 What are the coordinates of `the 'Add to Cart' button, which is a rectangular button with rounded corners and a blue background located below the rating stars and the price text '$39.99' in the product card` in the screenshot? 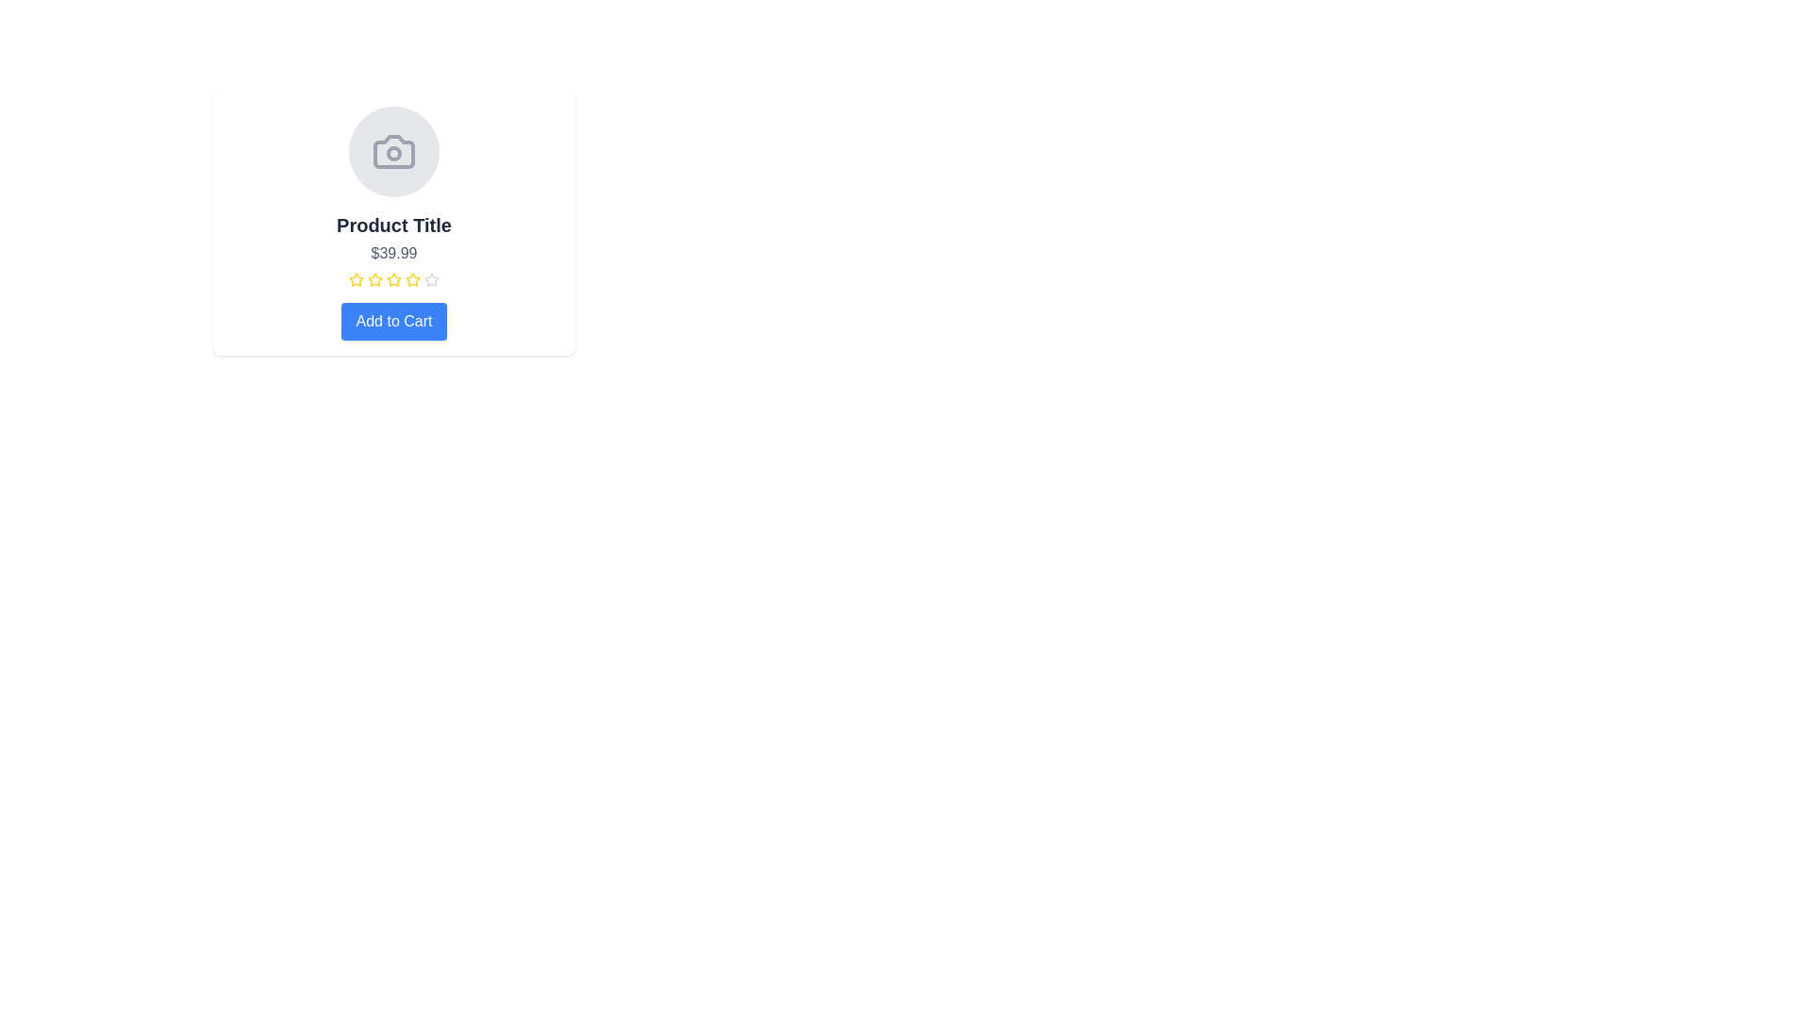 It's located at (392, 320).